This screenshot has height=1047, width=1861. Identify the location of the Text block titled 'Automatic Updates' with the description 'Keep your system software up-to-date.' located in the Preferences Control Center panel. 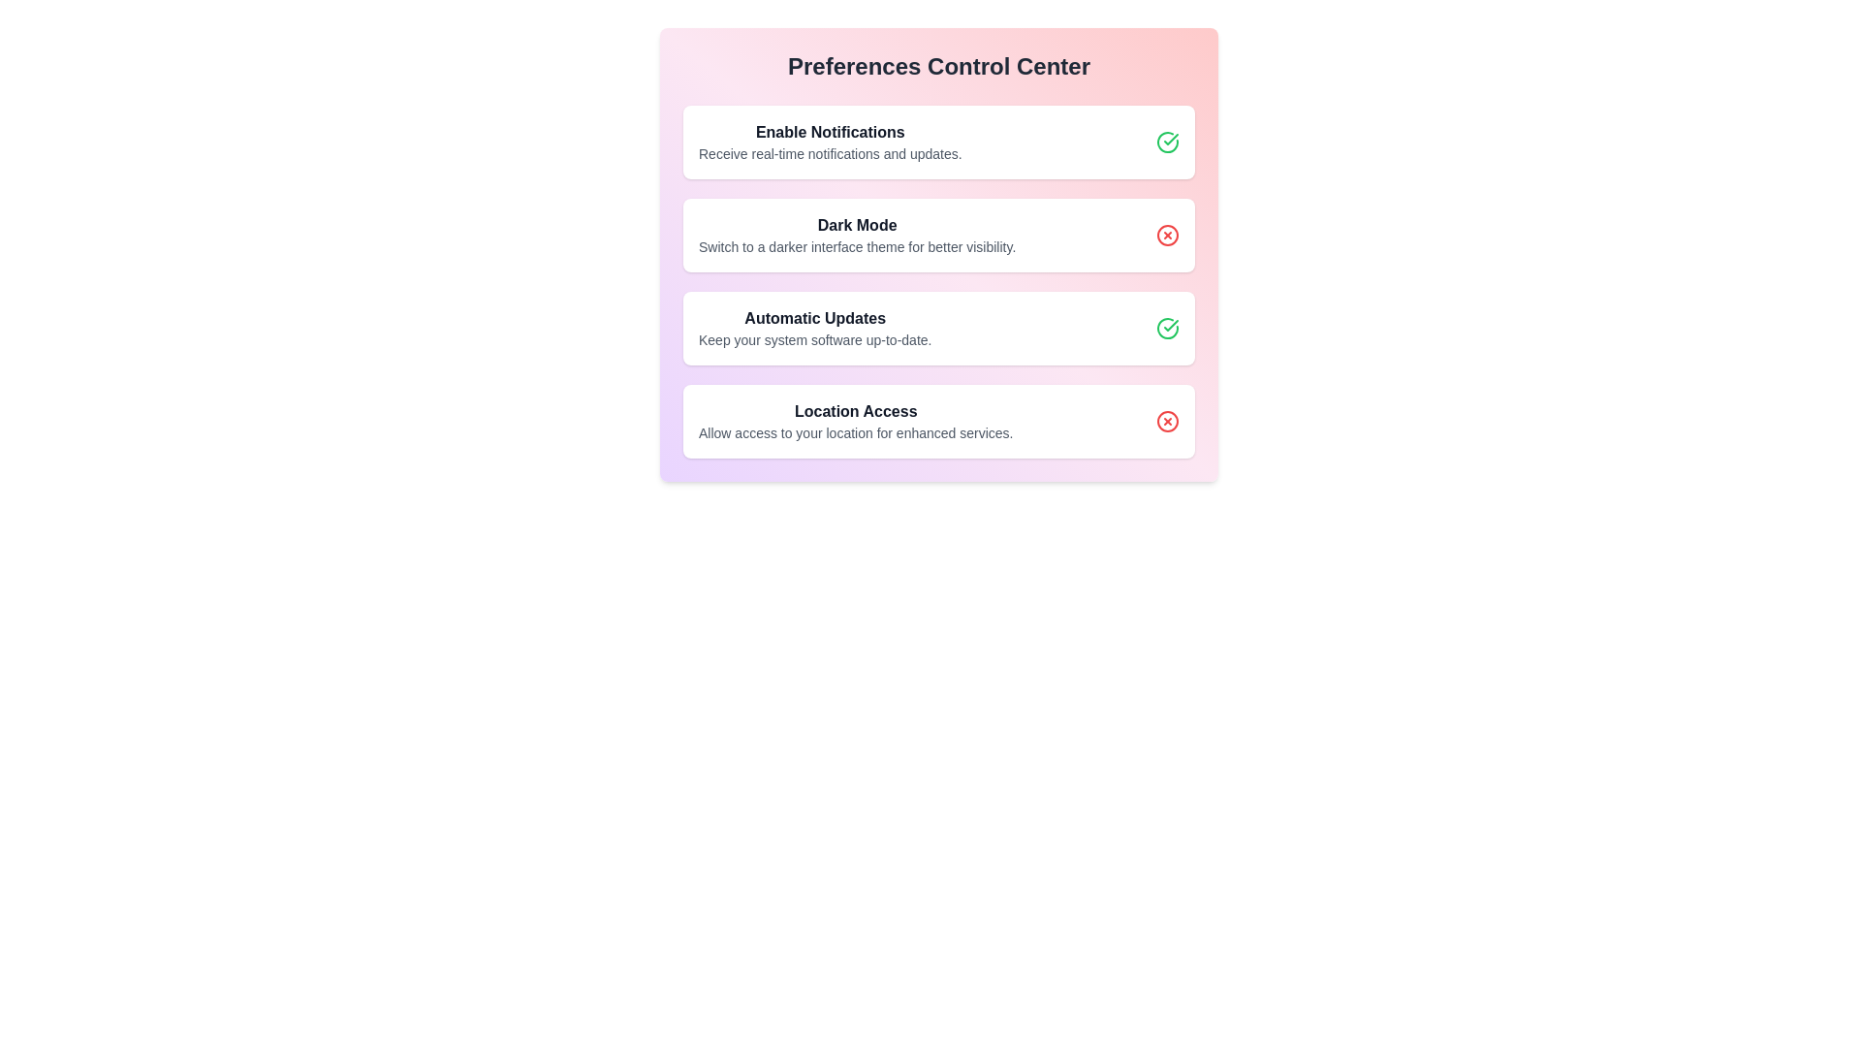
(815, 328).